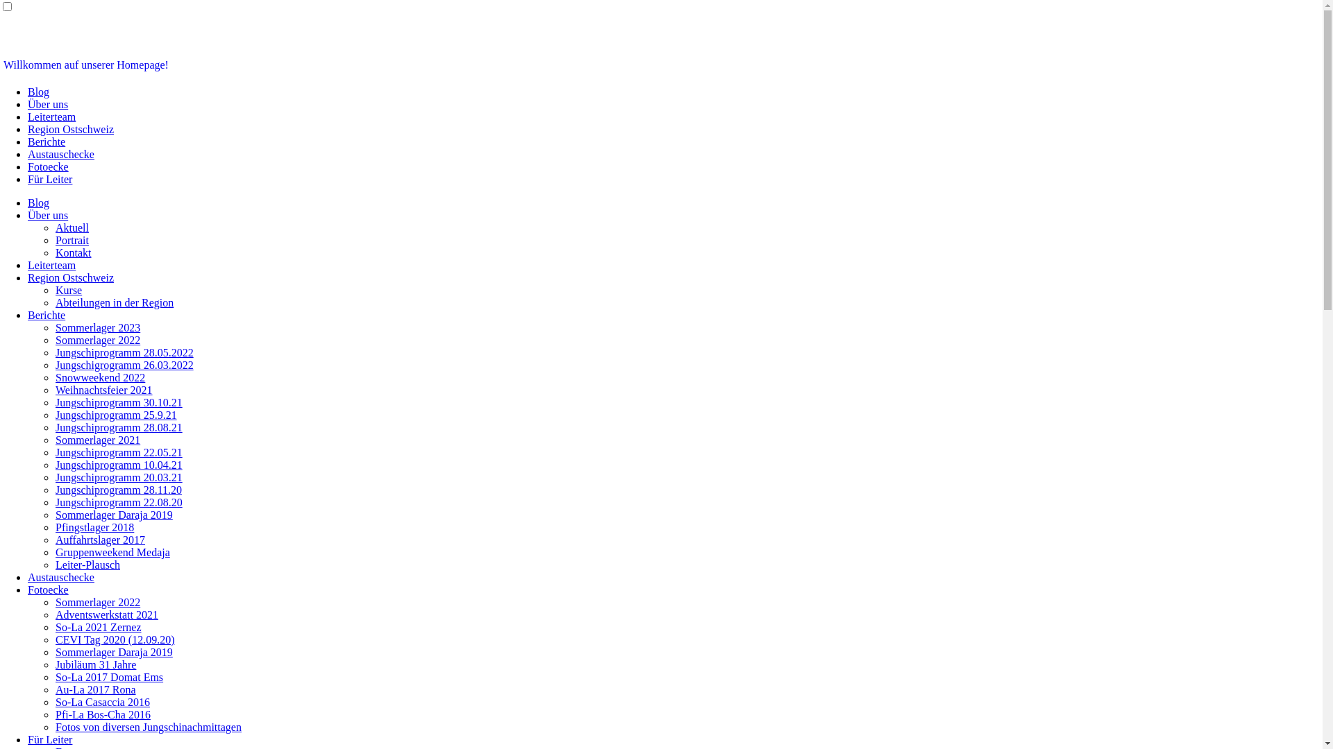  I want to click on 'Au-La 2017 Rona', so click(95, 689).